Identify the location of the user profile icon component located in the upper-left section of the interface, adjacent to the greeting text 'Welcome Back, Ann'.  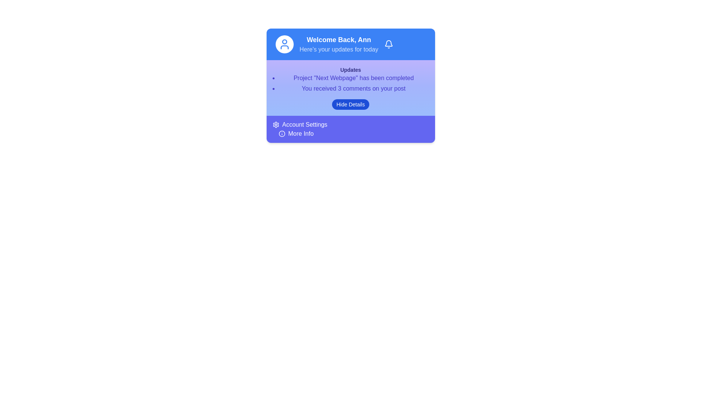
(284, 47).